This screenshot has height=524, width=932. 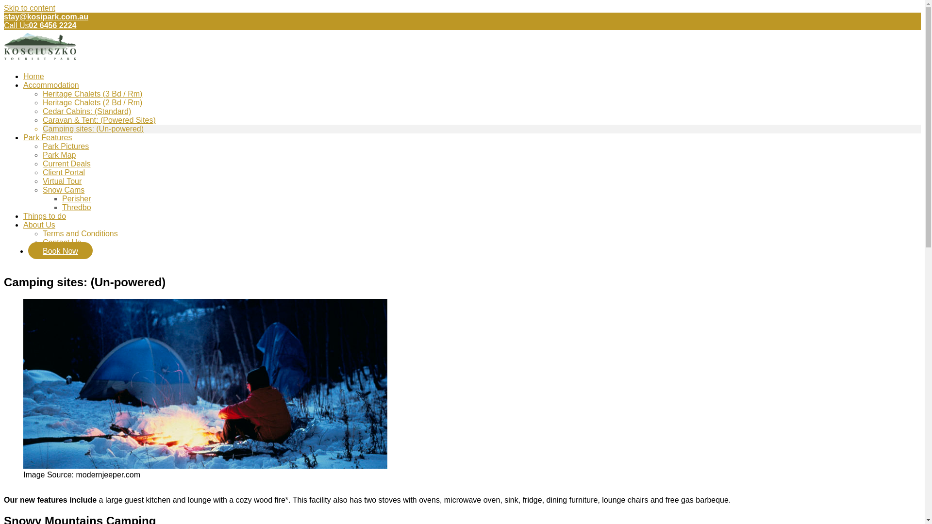 What do you see at coordinates (58, 154) in the screenshot?
I see `'Park Map'` at bounding box center [58, 154].